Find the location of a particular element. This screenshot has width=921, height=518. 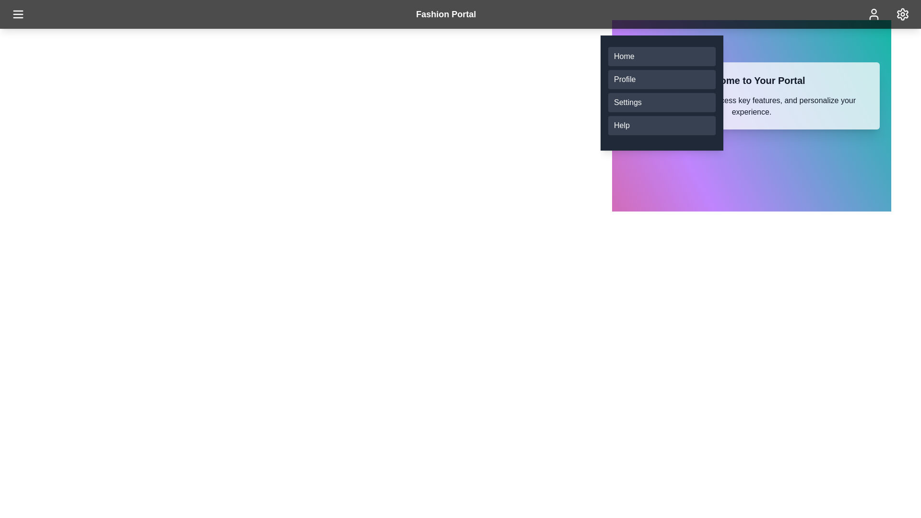

the menu item Help from the list is located at coordinates (661, 125).